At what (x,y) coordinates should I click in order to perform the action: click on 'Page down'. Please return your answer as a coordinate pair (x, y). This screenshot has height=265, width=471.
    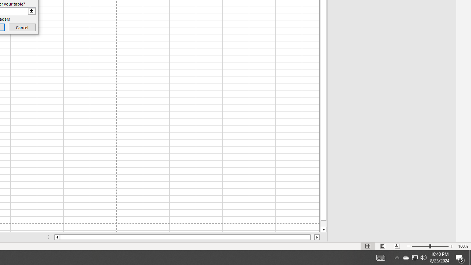
    Looking at the image, I should click on (323, 223).